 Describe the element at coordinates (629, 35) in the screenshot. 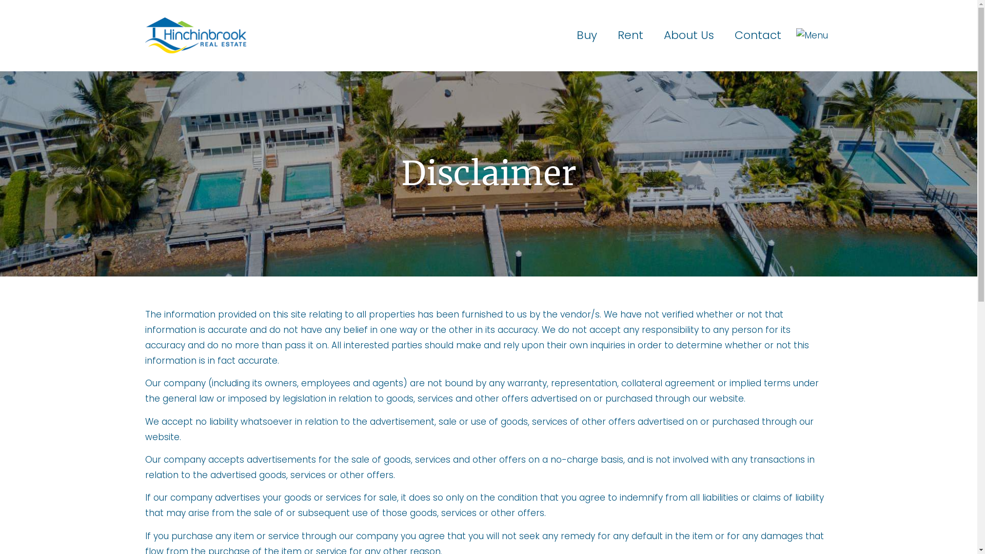

I see `'Rent'` at that location.